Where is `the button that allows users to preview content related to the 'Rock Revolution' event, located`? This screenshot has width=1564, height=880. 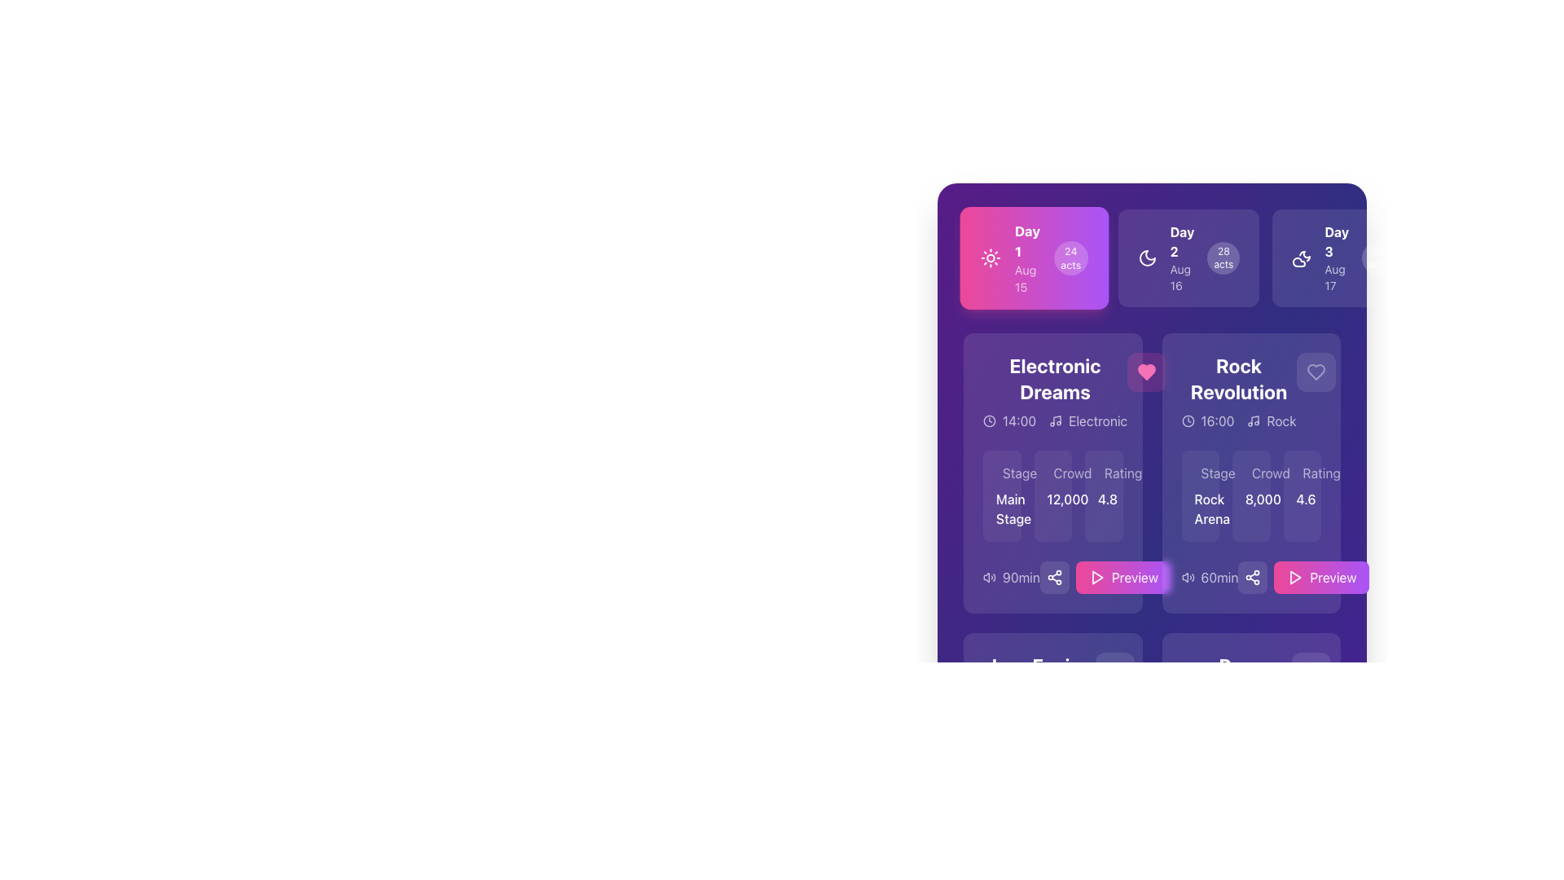
the button that allows users to preview content related to the 'Rock Revolution' event, located is located at coordinates (1321, 577).